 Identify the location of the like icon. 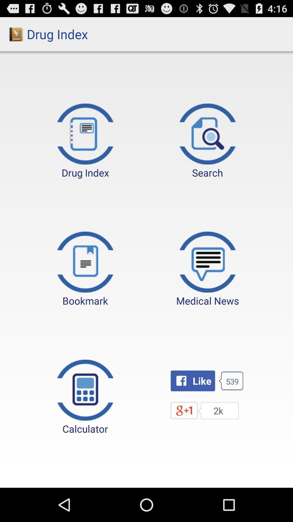
(192, 381).